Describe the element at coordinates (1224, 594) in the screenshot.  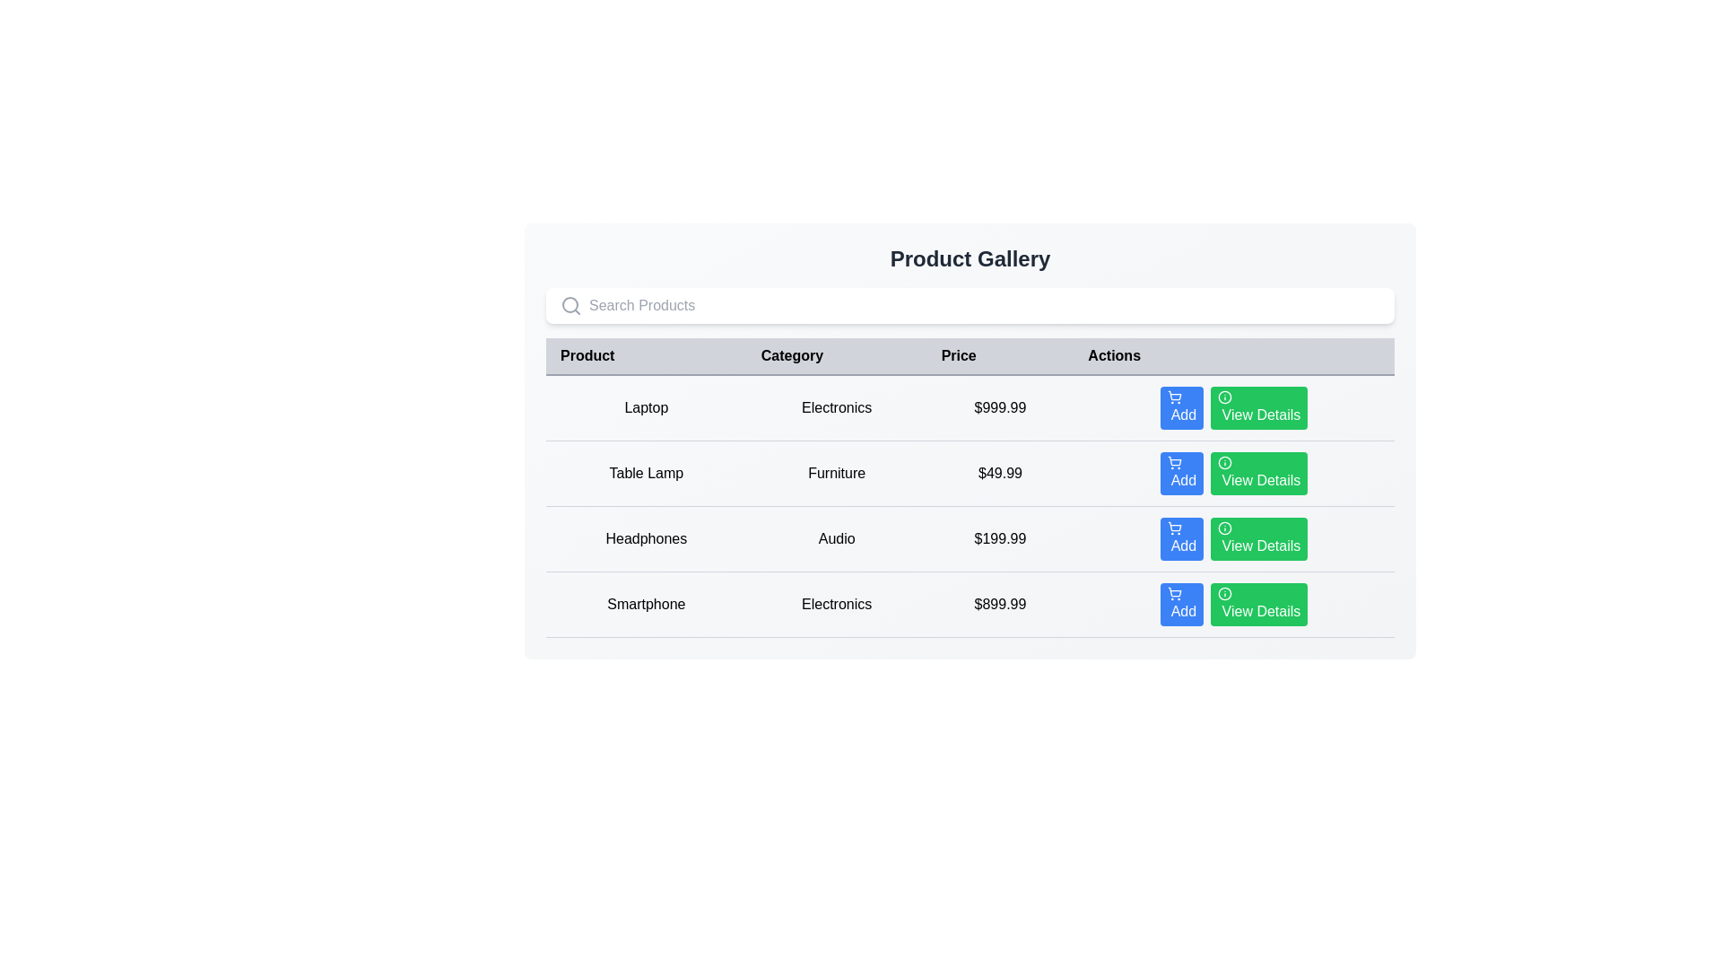
I see `the small circular informational indicator icon with a hollow outline and green background located in the last row of the 'View Details' button in the 'Actions' column of the table` at that location.